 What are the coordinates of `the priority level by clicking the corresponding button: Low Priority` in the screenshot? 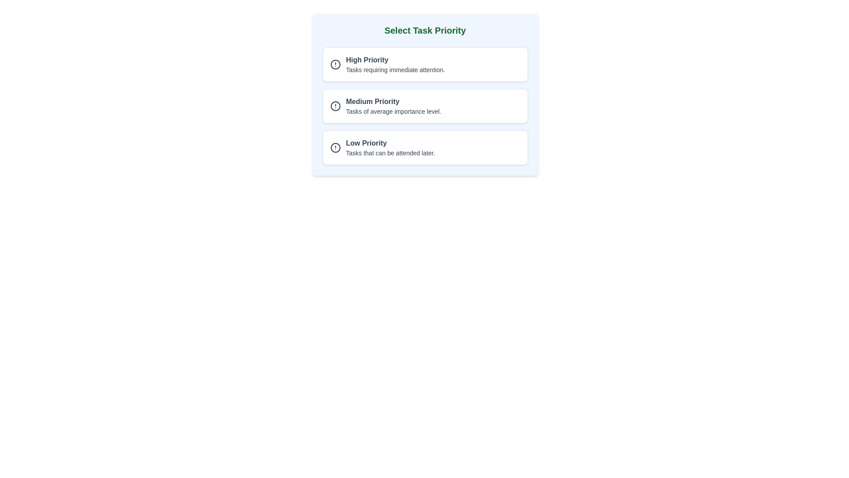 It's located at (425, 147).